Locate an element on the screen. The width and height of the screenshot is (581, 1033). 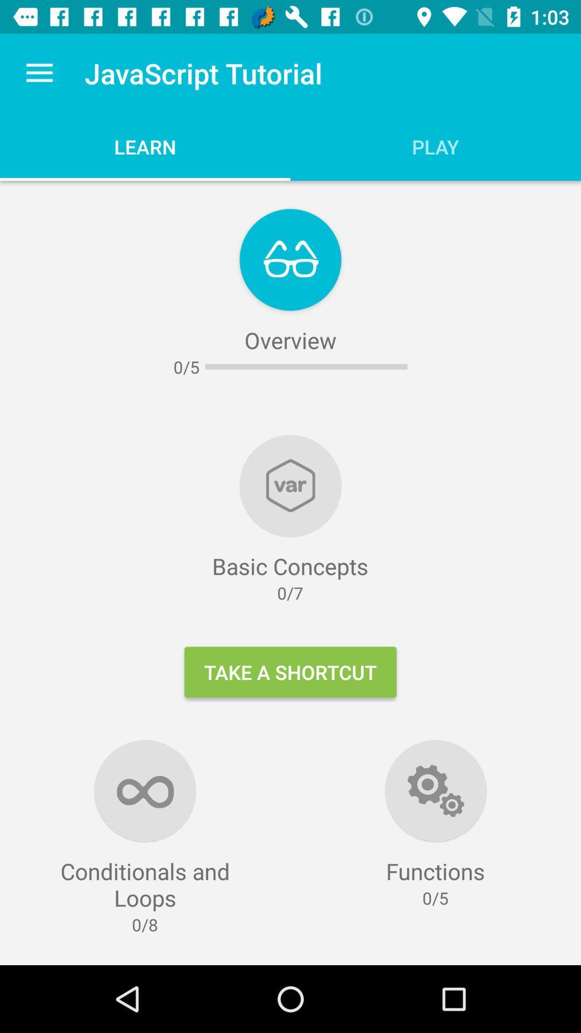
the take a shortcut is located at coordinates (290, 671).